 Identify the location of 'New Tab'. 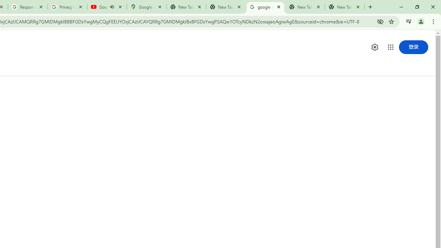
(345, 7).